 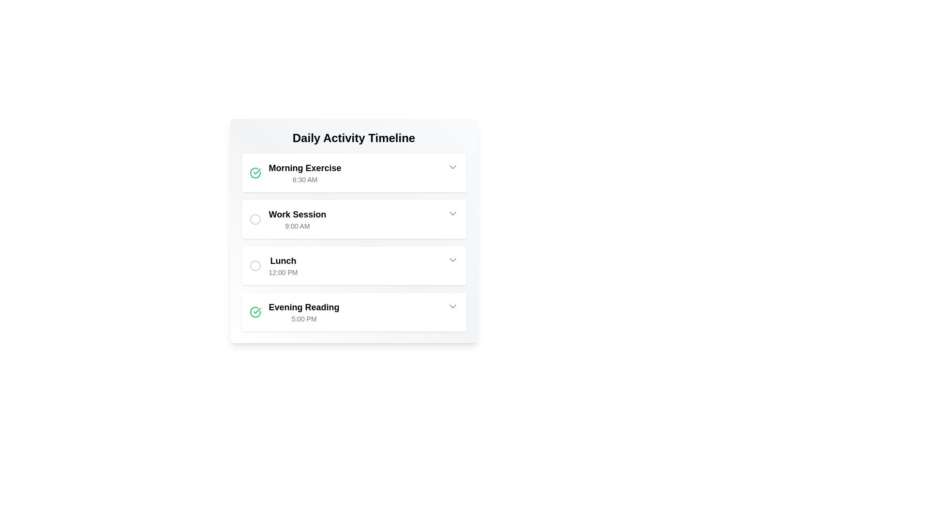 I want to click on the text label displaying 'Evening Reading' which is styled in bold, large, sans-serif font and is positioned as the first line in the fourth item of the task list under 'Daily Activity Timeline', so click(x=303, y=307).